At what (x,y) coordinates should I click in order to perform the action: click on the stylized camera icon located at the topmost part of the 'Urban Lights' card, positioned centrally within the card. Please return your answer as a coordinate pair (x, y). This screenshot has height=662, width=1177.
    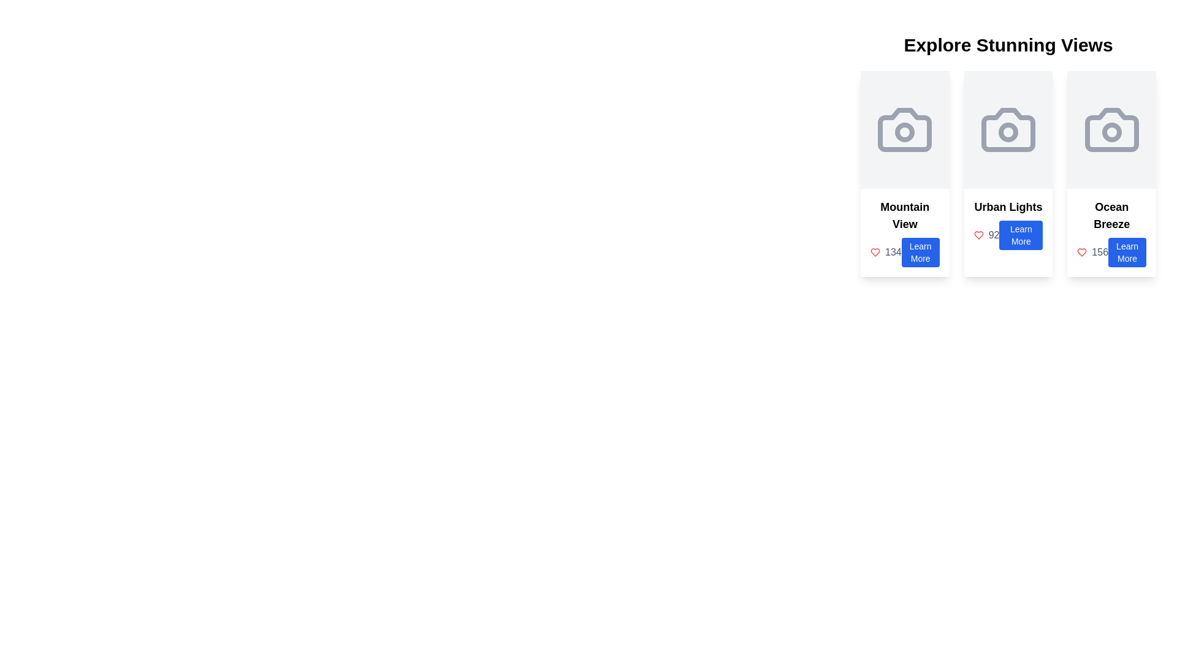
    Looking at the image, I should click on (1008, 130).